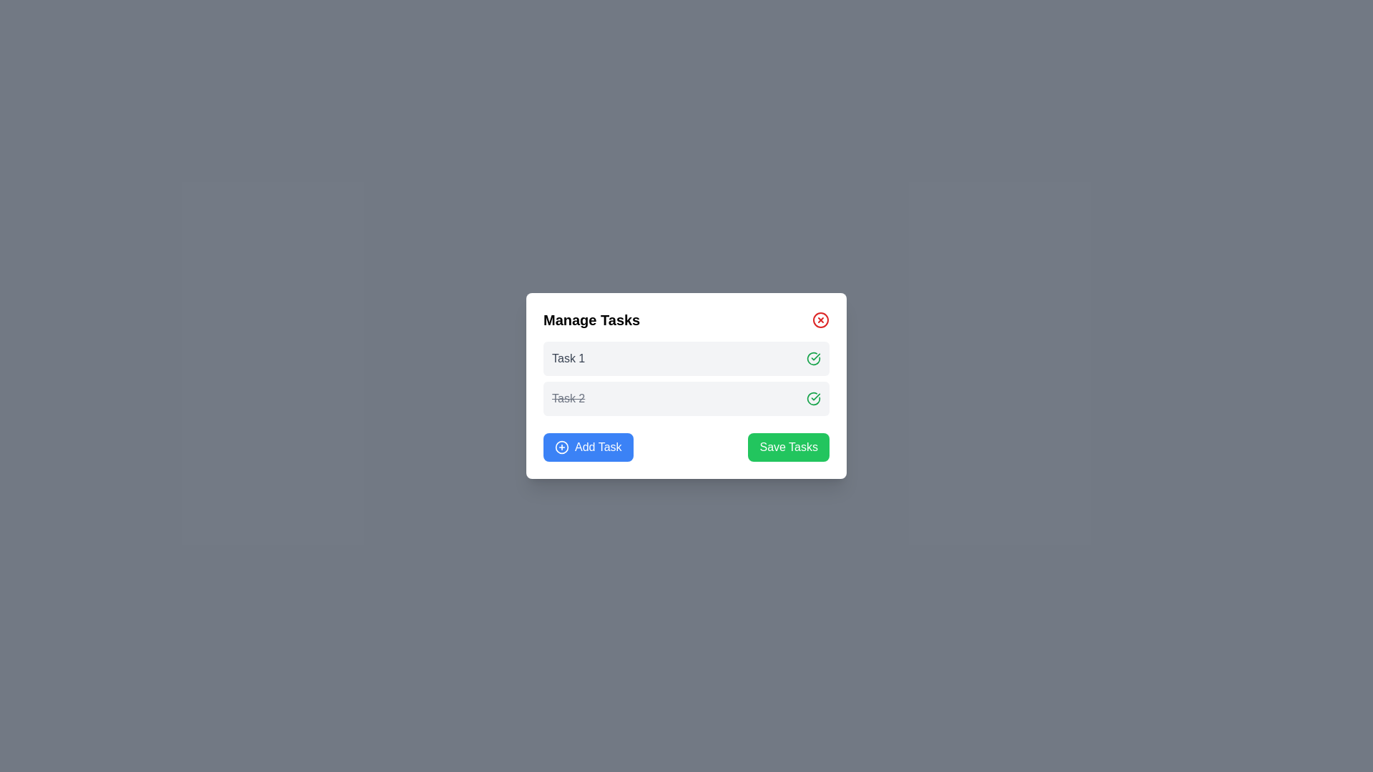 This screenshot has height=772, width=1373. Describe the element at coordinates (686, 386) in the screenshot. I see `a task in the 'Manage Tasks' modal dialog to mark it as done` at that location.